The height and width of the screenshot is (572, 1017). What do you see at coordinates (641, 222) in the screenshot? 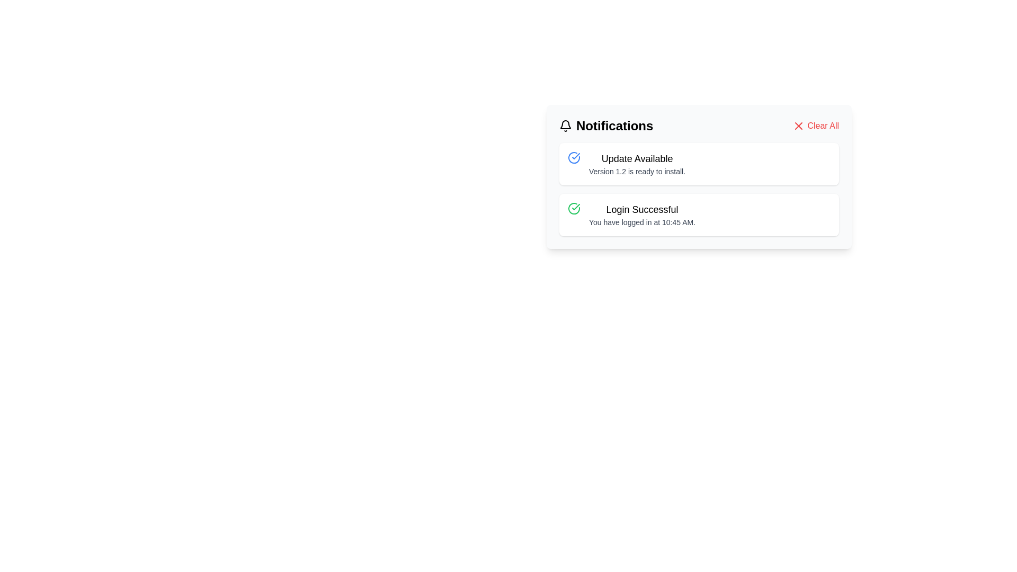
I see `the text label that reads 'You have logged in at 10:45 AM.' located below the message 'Login Successful' in the notification area of the login information card` at bounding box center [641, 222].